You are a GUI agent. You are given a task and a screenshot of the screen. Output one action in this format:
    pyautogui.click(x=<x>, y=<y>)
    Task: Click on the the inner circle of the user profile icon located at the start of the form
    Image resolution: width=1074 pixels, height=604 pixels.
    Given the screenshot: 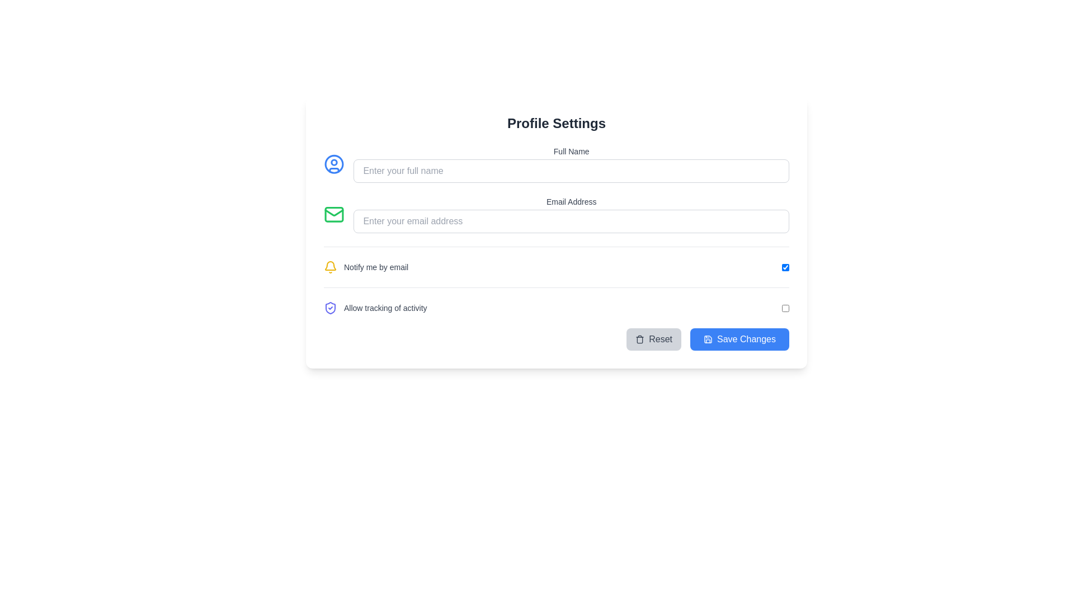 What is the action you would take?
    pyautogui.click(x=333, y=164)
    